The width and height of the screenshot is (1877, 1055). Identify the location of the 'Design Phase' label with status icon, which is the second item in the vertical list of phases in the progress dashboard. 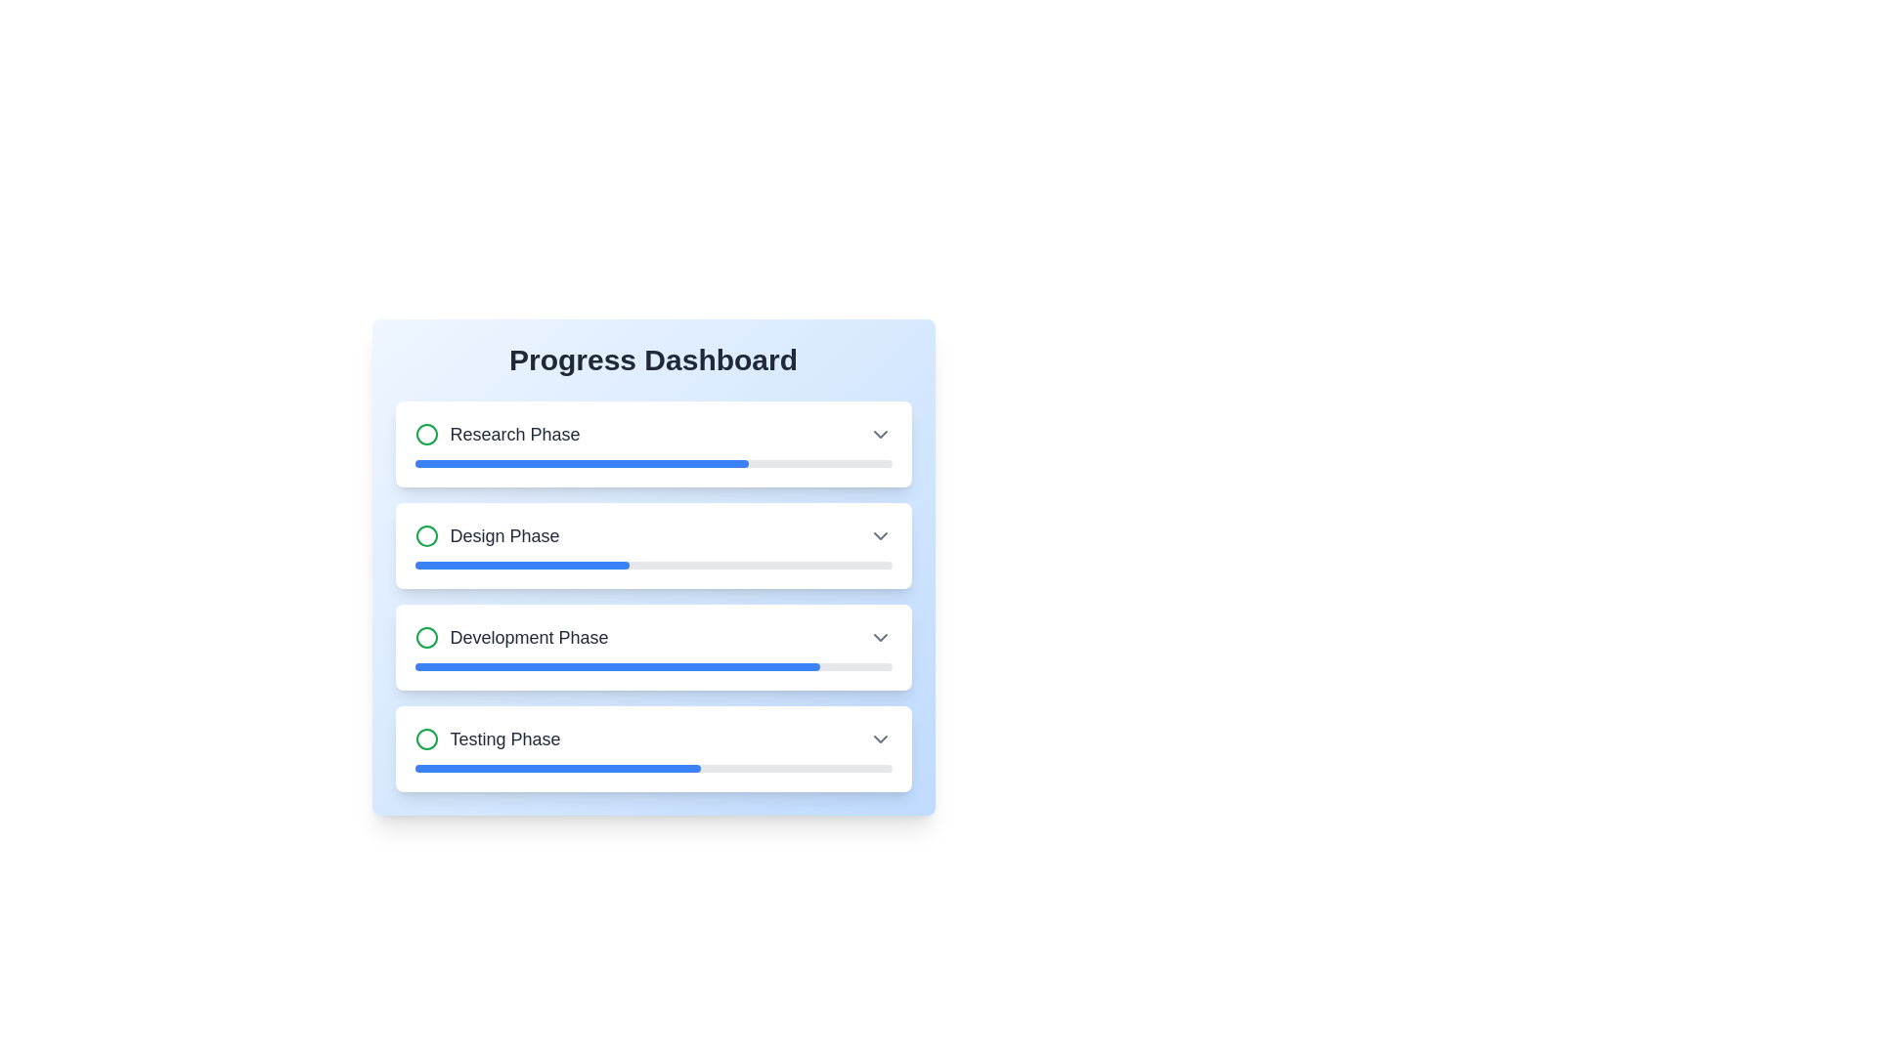
(487, 535).